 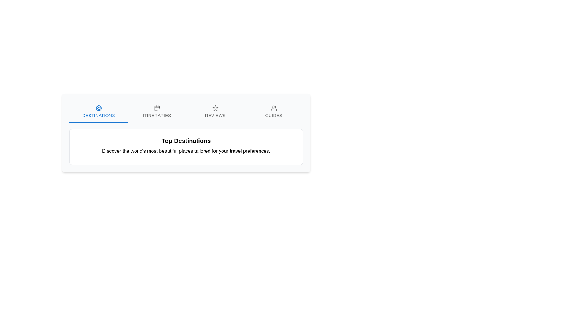 What do you see at coordinates (215, 108) in the screenshot?
I see `the star-shaped icon to the left of the 'Reviews' tab label in the tab navigation section` at bounding box center [215, 108].